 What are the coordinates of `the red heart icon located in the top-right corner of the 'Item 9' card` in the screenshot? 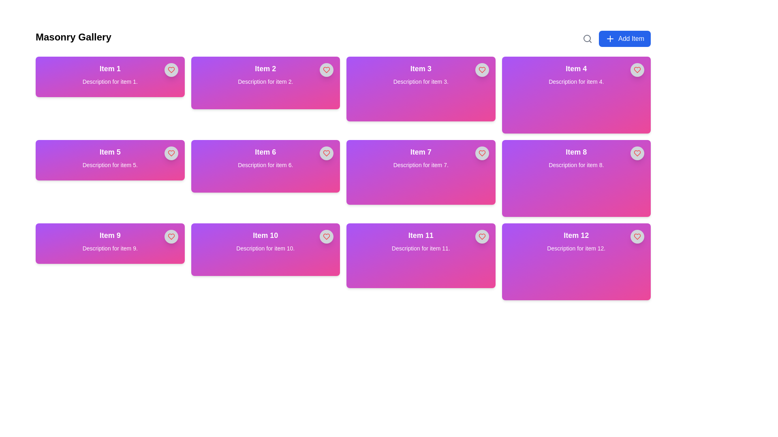 It's located at (171, 237).